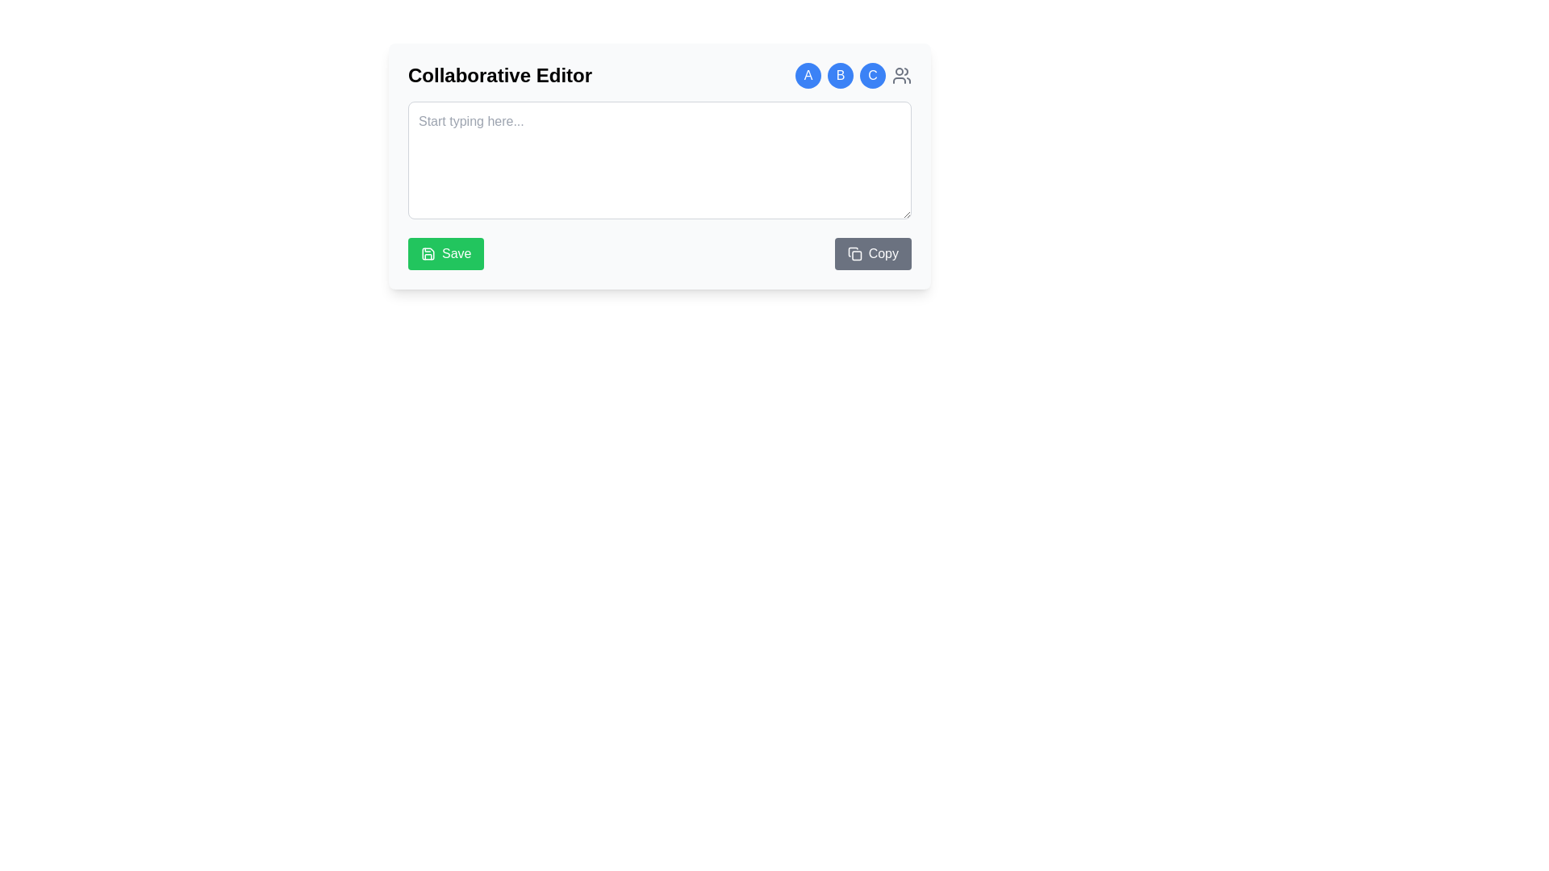 The height and width of the screenshot is (871, 1549). What do you see at coordinates (446, 254) in the screenshot?
I see `the green 'Save' button with rounded corners in the 'Collaborative Editor' interface` at bounding box center [446, 254].